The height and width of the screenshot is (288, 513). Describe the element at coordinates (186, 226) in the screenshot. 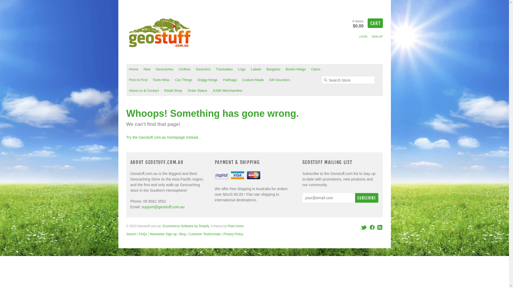

I see `'Ecommerce Software by Shopify'` at that location.